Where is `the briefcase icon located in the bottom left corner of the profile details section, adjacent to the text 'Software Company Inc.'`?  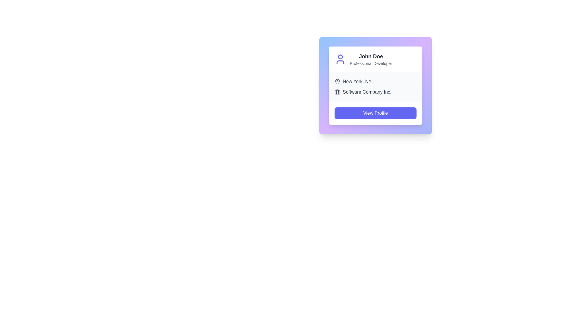 the briefcase icon located in the bottom left corner of the profile details section, adjacent to the text 'Software Company Inc.' is located at coordinates (337, 92).